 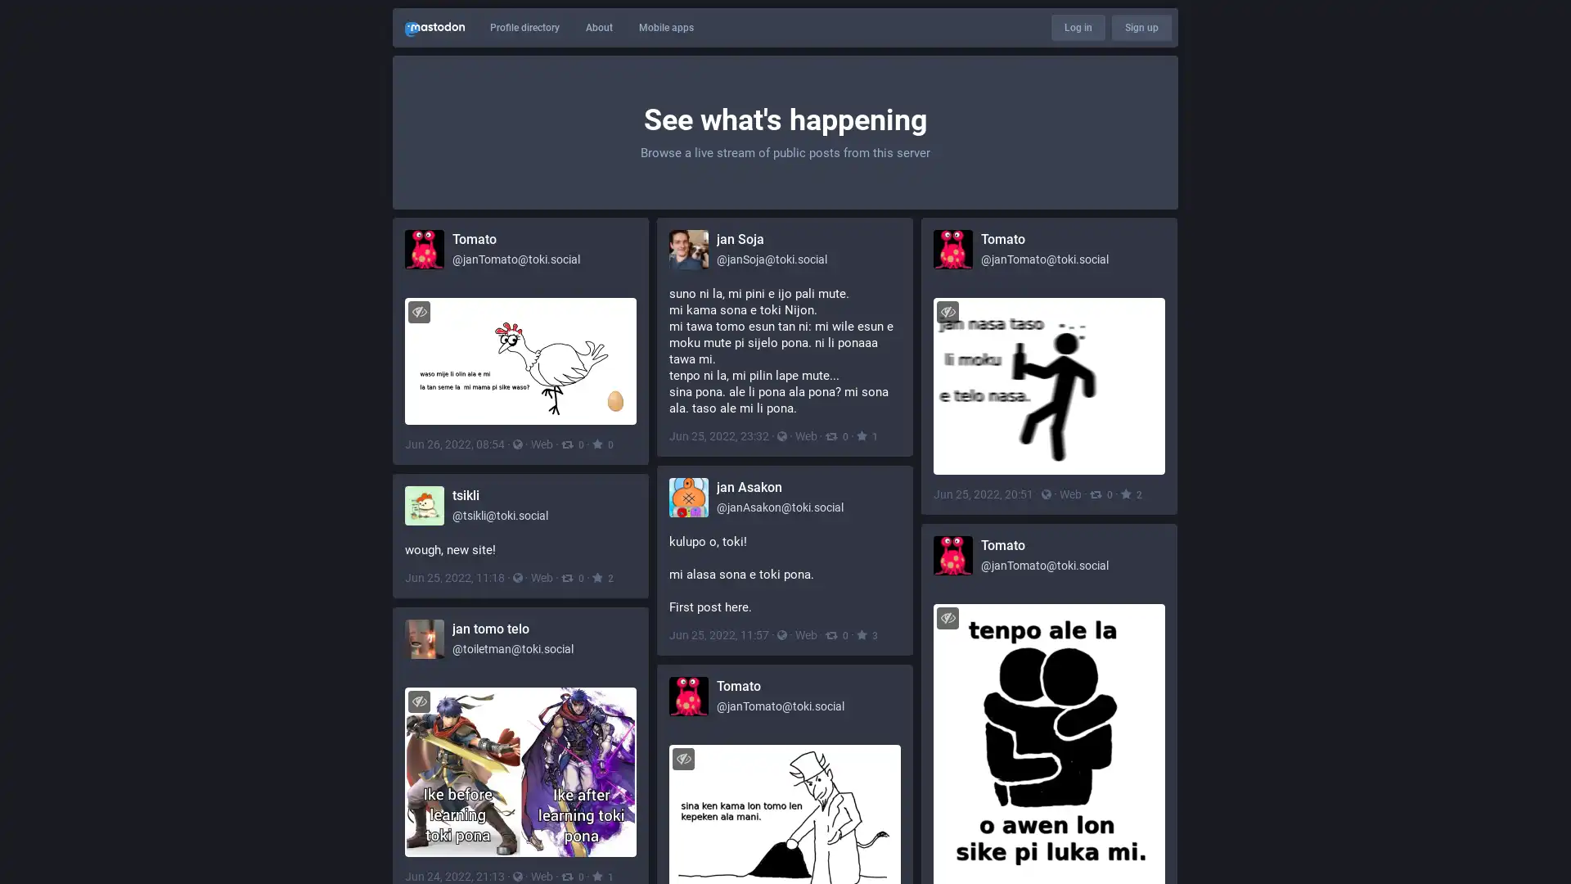 What do you see at coordinates (948, 617) in the screenshot?
I see `Hide image` at bounding box center [948, 617].